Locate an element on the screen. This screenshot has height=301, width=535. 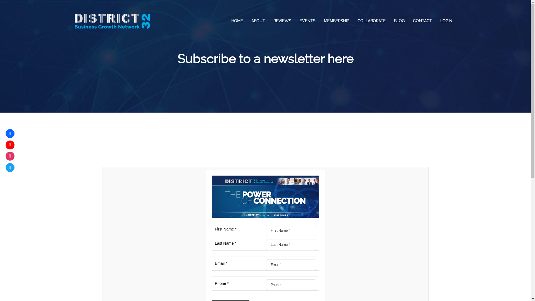
'Interesting Image' is located at coordinates (265, 196).